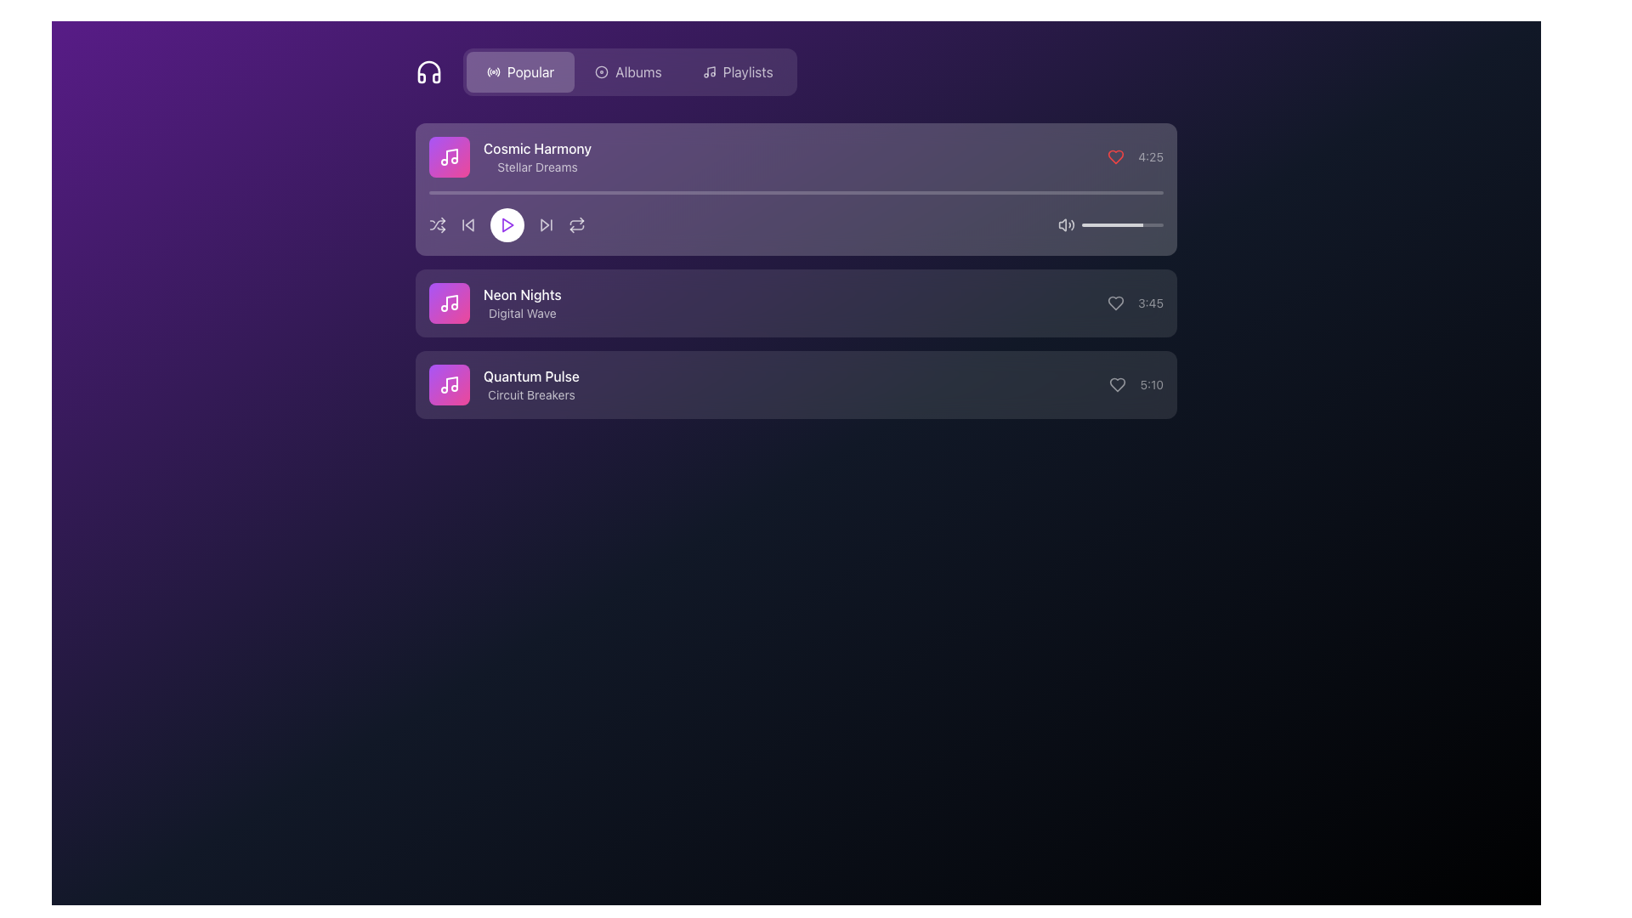  I want to click on the slider, so click(1122, 224).